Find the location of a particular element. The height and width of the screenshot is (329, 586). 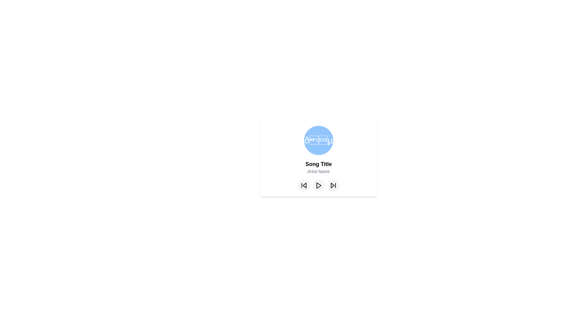

the 'Next' button located at the bottom center of the layout, positioned immediately to the right of the 'Play' button, to advance to the next item is located at coordinates (333, 185).